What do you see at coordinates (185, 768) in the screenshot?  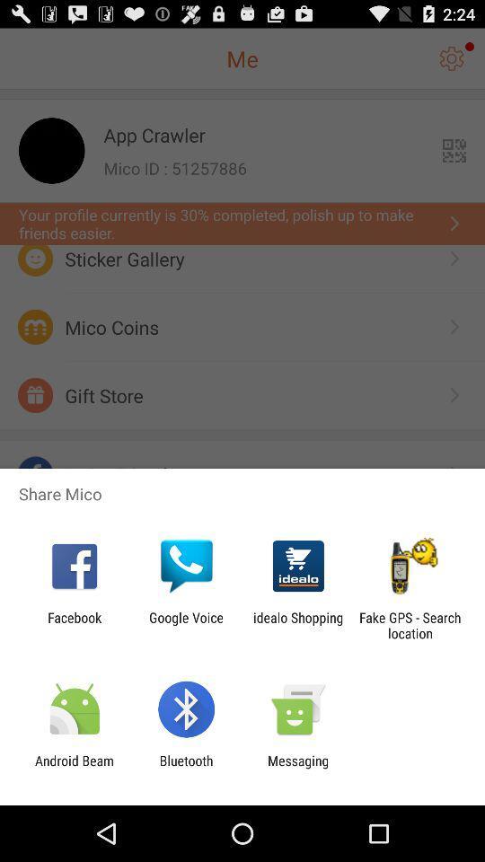 I see `icon to the right of android beam icon` at bounding box center [185, 768].